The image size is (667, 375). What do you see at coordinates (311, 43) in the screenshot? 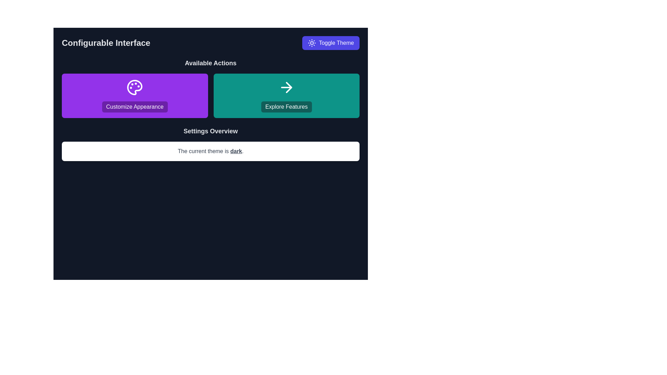
I see `the decorative light icon that represents the day theme, located within the 'Toggle Theme' button at the top-right corner of the interface` at bounding box center [311, 43].